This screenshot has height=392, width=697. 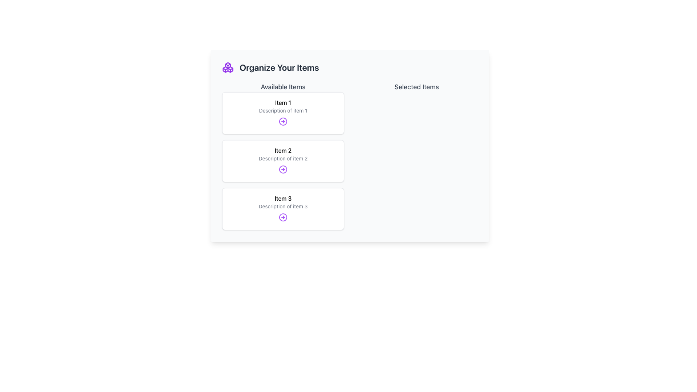 I want to click on the Decorative SVG graphic component located in the lower-left quadrant of the highlighted SVG icon at the top-left of the interface, so click(x=225, y=69).